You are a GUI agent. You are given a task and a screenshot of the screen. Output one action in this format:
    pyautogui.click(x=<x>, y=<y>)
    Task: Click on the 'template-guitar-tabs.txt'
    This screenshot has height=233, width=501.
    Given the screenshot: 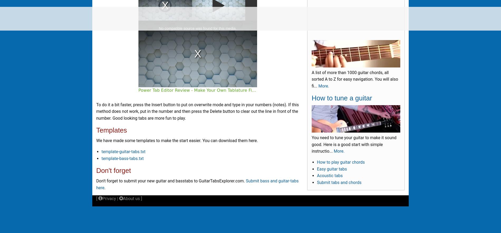 What is the action you would take?
    pyautogui.click(x=123, y=151)
    